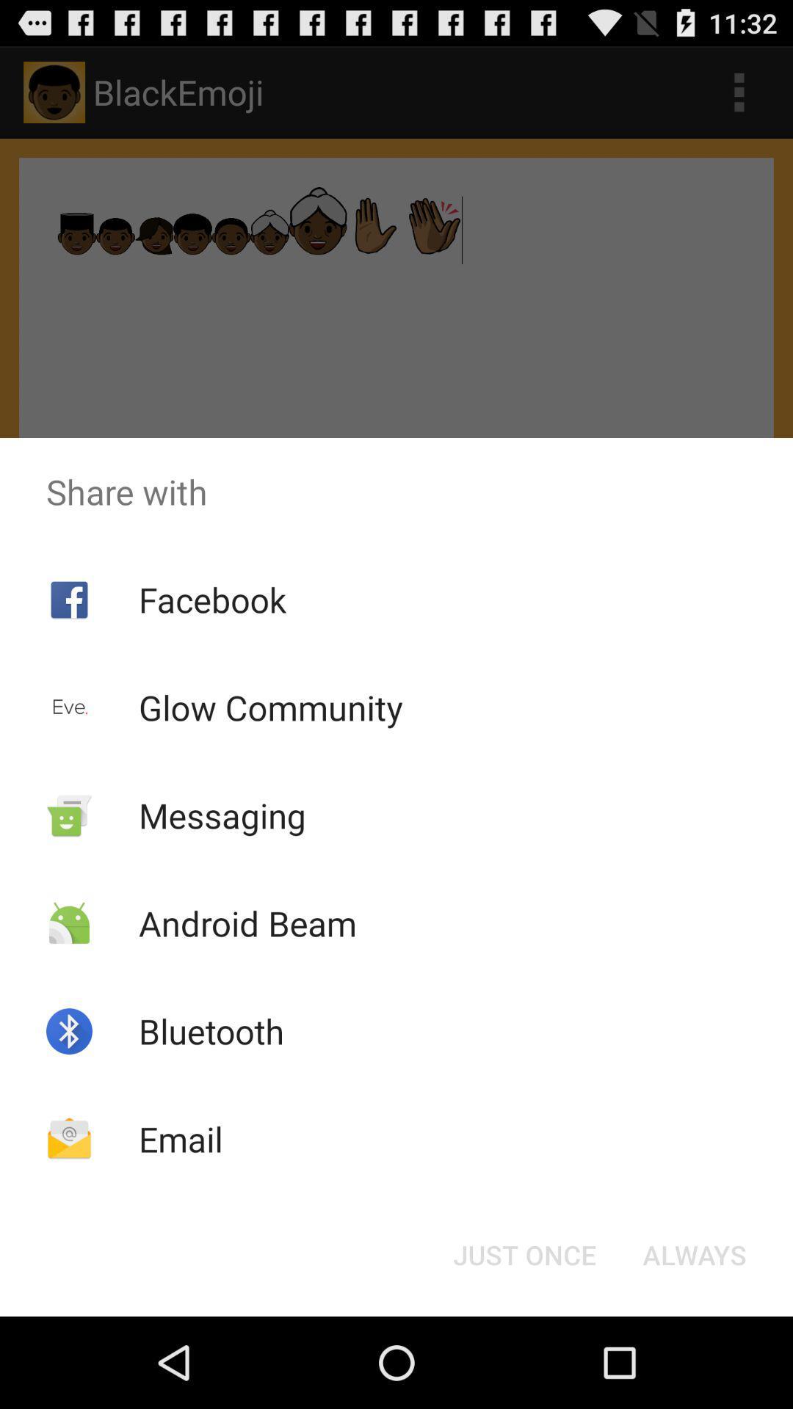 The width and height of the screenshot is (793, 1409). I want to click on the button to the right of the just once button, so click(694, 1253).